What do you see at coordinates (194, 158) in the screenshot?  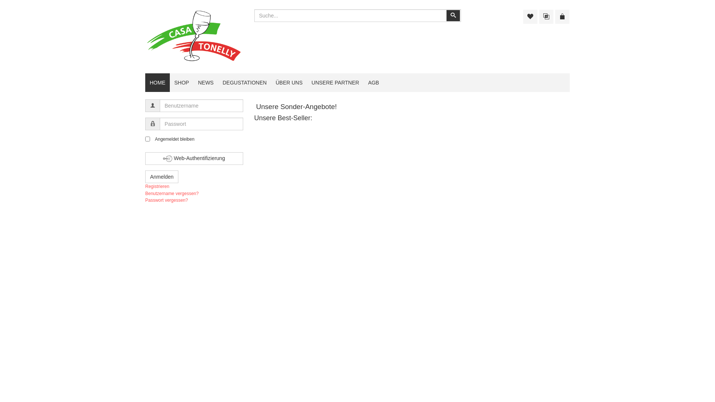 I see `'Web-Authentifizierung'` at bounding box center [194, 158].